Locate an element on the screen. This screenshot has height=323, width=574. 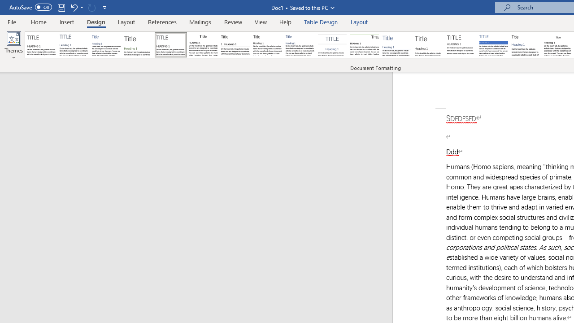
'Layout' is located at coordinates (359, 22).